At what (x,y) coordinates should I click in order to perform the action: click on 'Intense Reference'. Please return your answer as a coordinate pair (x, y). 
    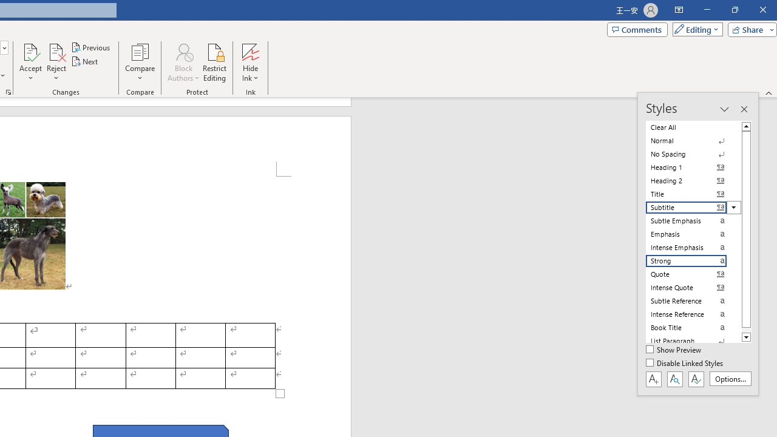
    Looking at the image, I should click on (693, 314).